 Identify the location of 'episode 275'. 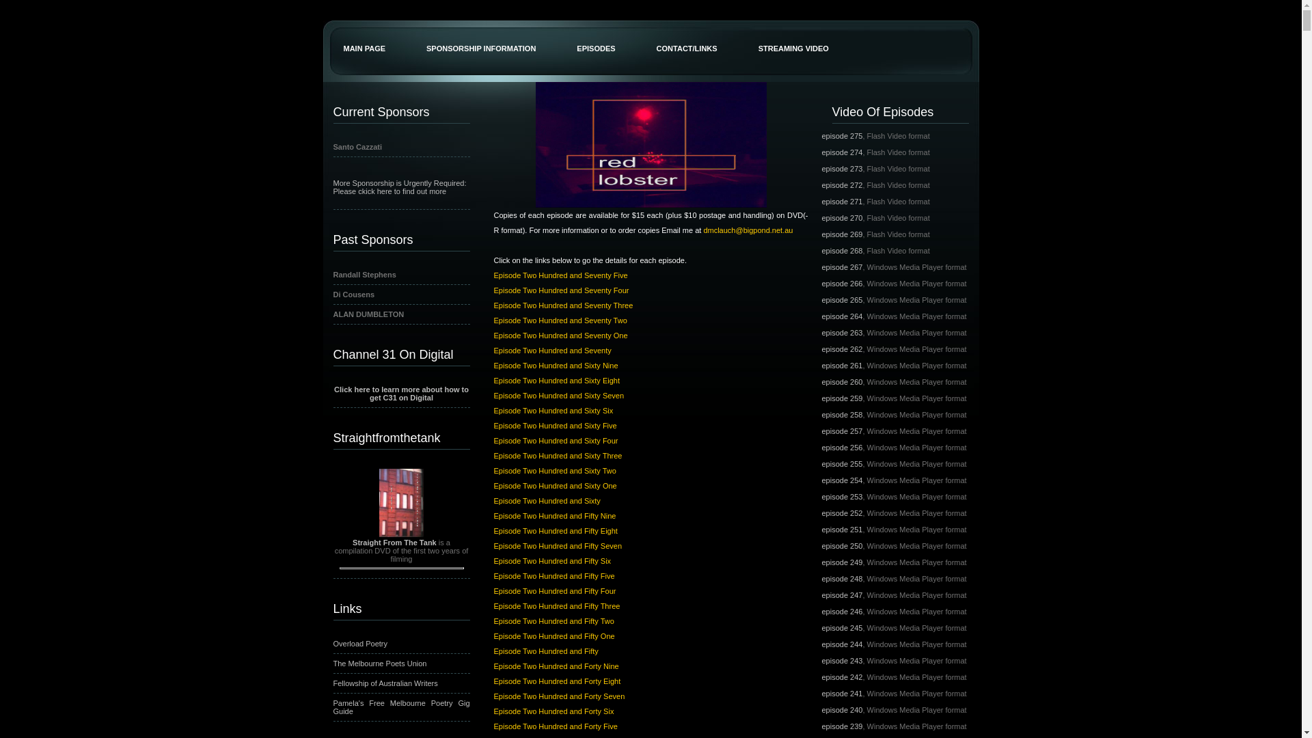
(841, 136).